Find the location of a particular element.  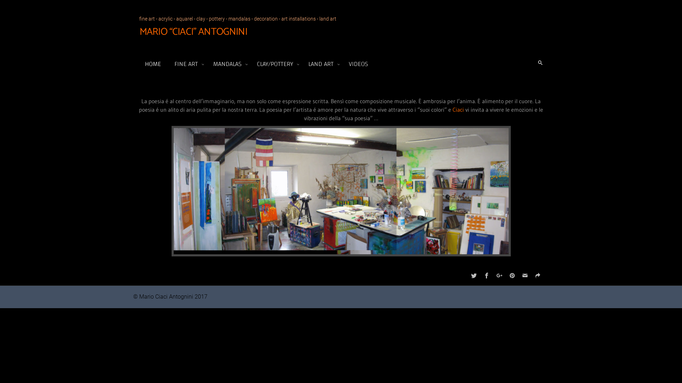

'FINE ART' is located at coordinates (187, 64).